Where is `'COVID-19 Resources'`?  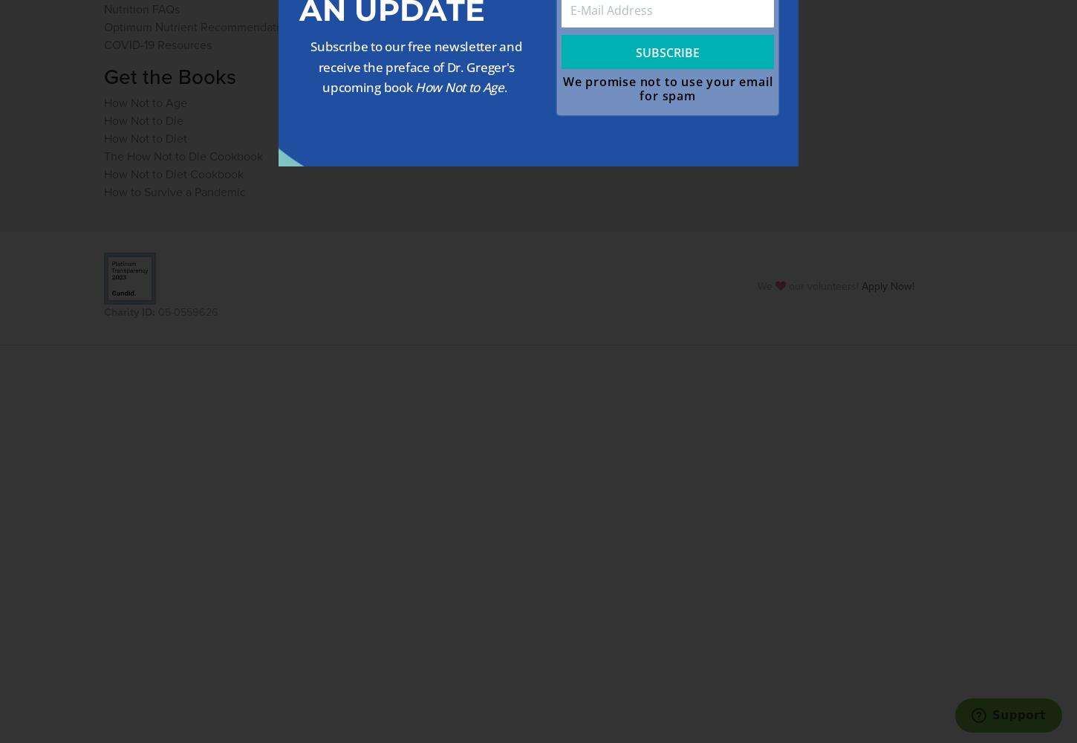
'COVID-19 Resources' is located at coordinates (157, 44).